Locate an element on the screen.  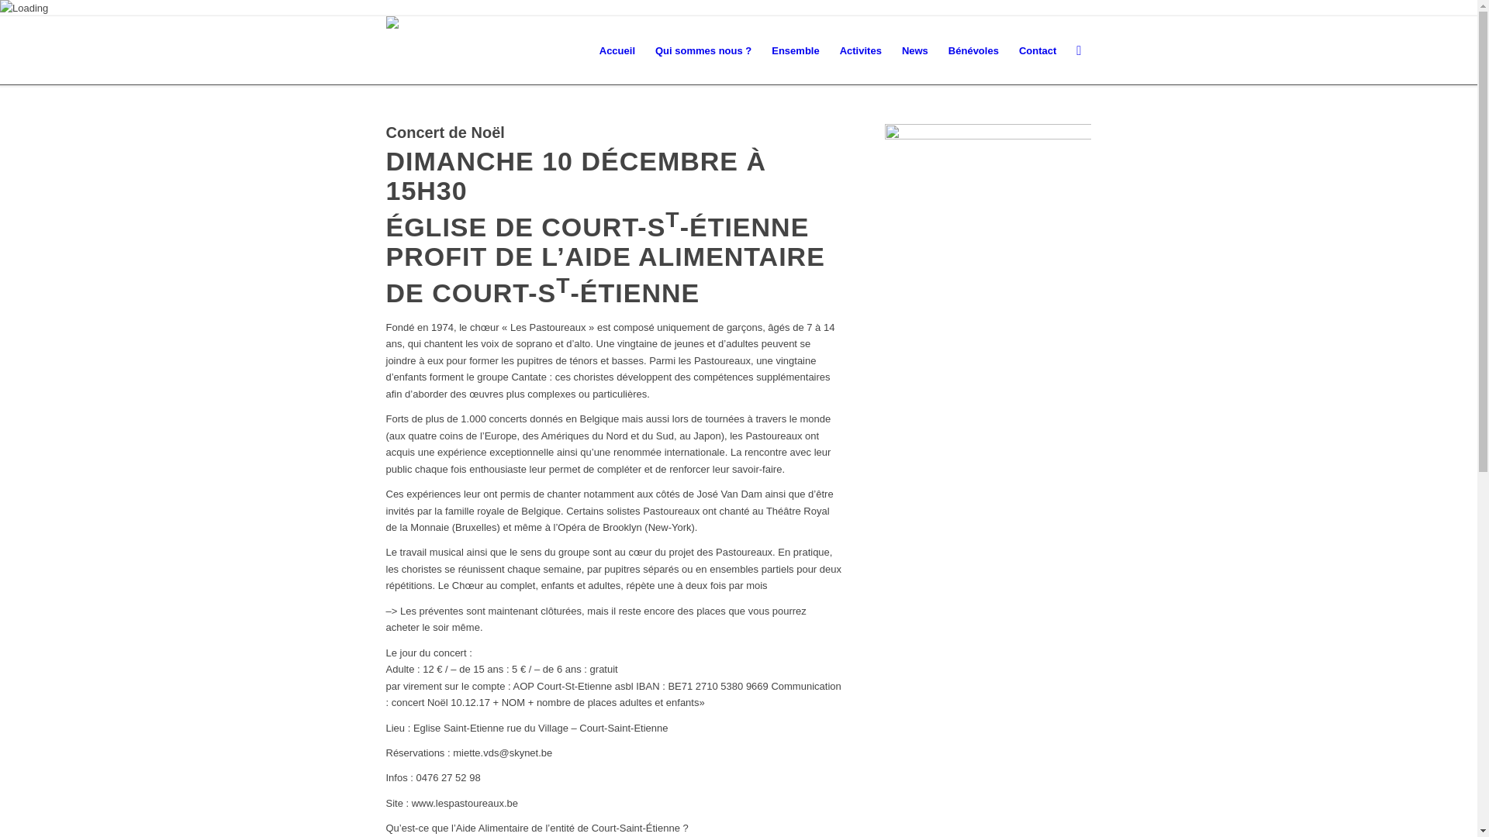
'Activites' is located at coordinates (859, 50).